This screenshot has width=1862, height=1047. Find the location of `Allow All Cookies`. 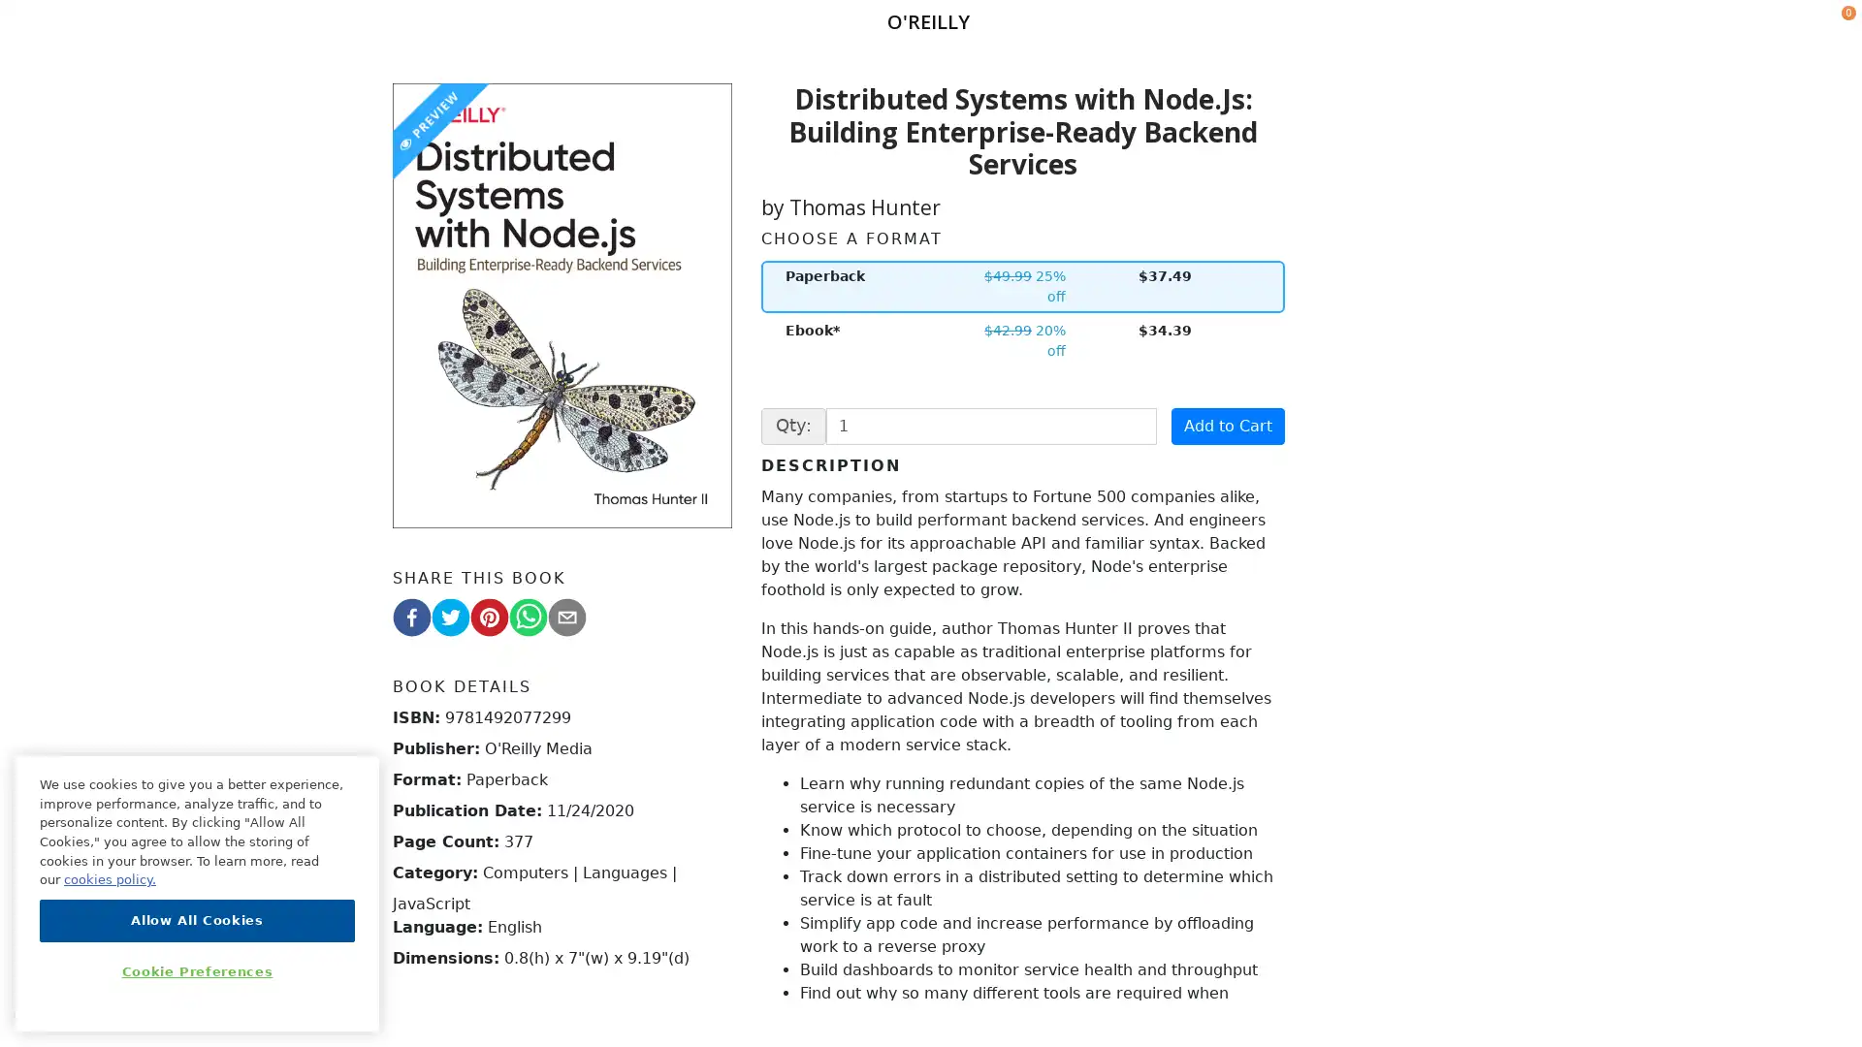

Allow All Cookies is located at coordinates (197, 919).